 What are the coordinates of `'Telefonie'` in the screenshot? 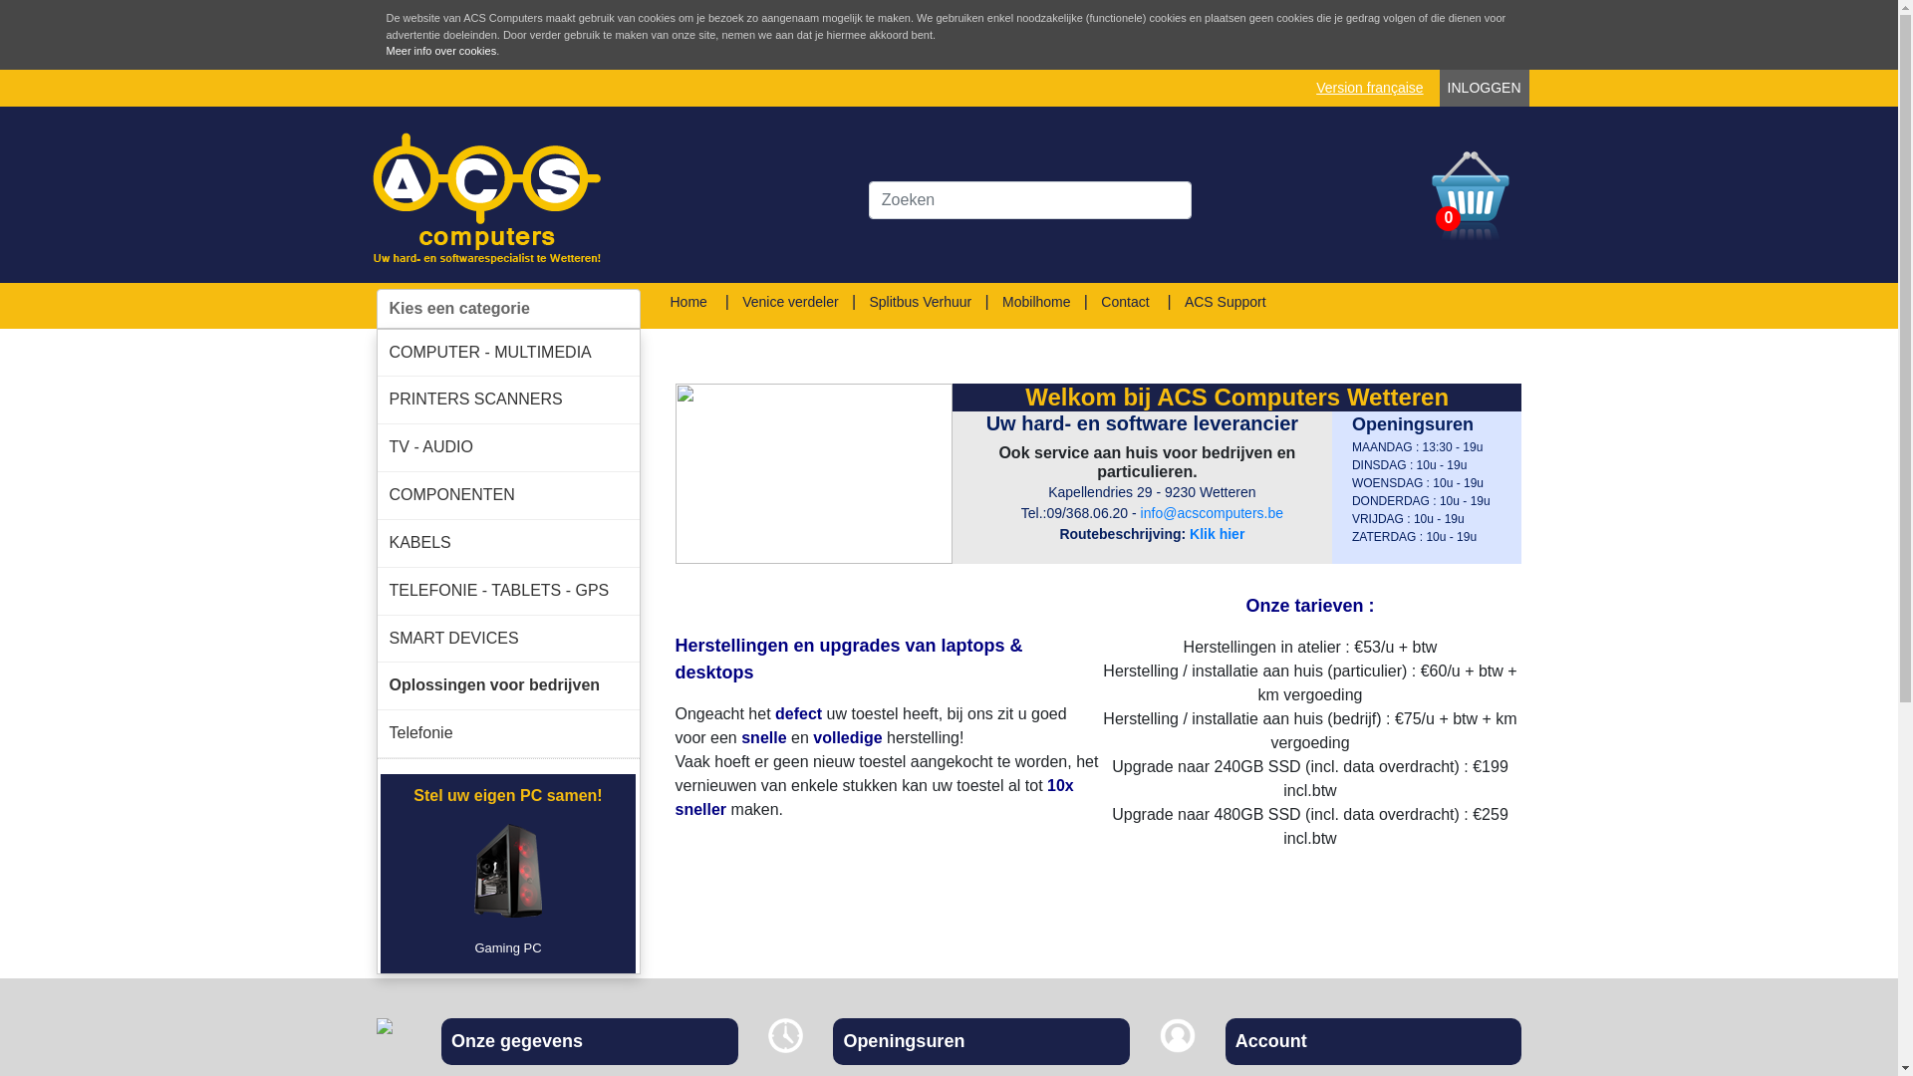 It's located at (507, 733).